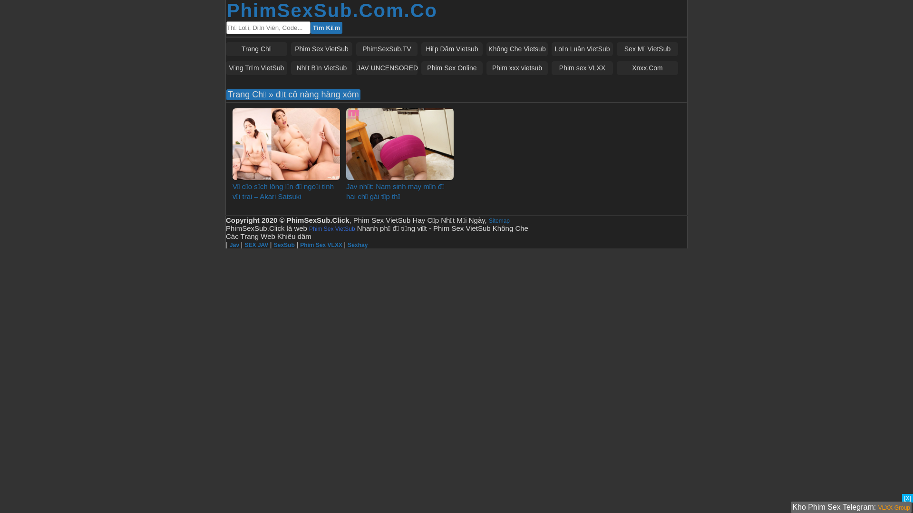 The width and height of the screenshot is (913, 513). Describe the element at coordinates (516, 67) in the screenshot. I see `'Phim xxx vietsub'` at that location.